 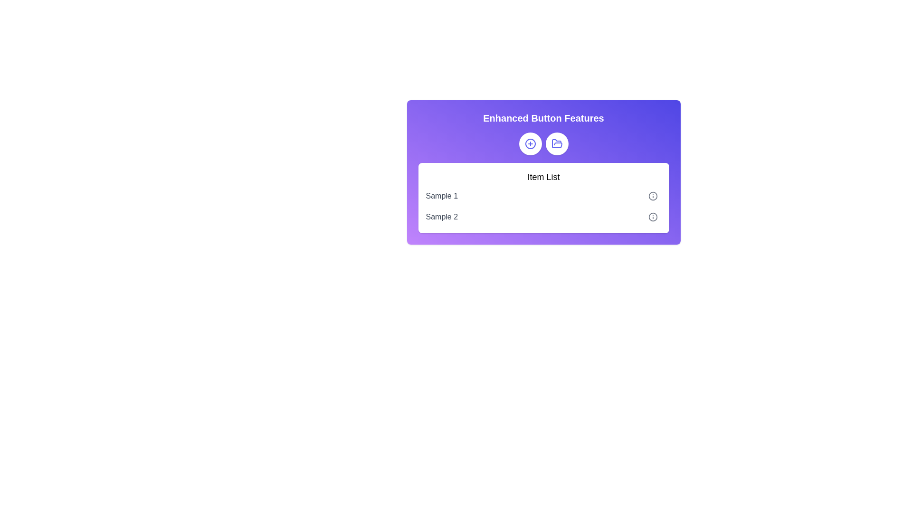 What do you see at coordinates (652, 217) in the screenshot?
I see `the circular button with an information icon located to the far right of 'Sample 2' in the item list` at bounding box center [652, 217].